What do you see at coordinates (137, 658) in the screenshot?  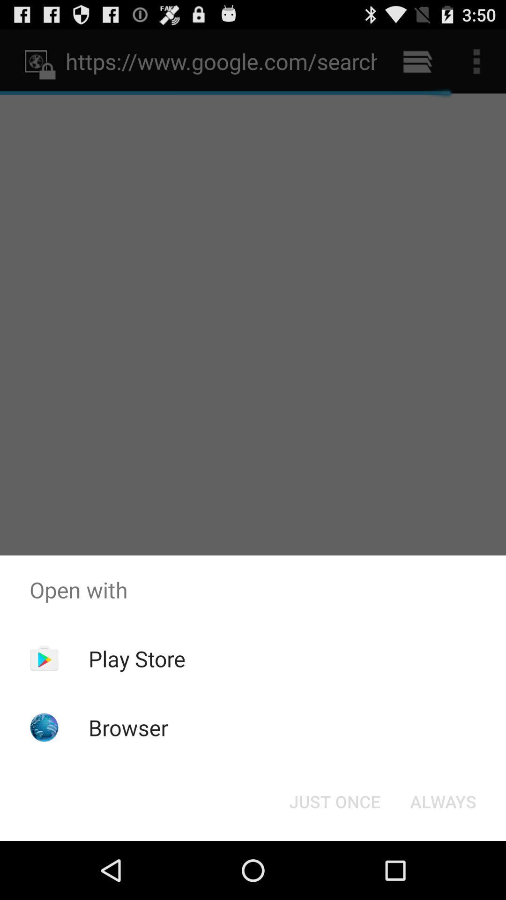 I see `play store` at bounding box center [137, 658].